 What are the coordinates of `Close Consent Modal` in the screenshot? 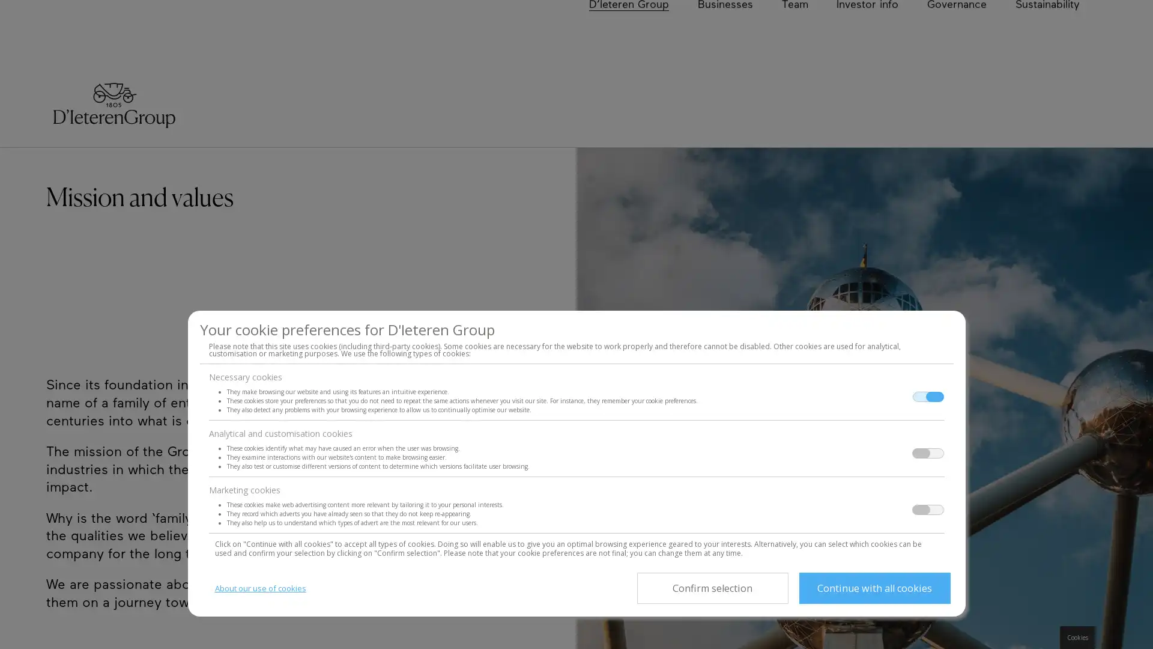 It's located at (874, 588).